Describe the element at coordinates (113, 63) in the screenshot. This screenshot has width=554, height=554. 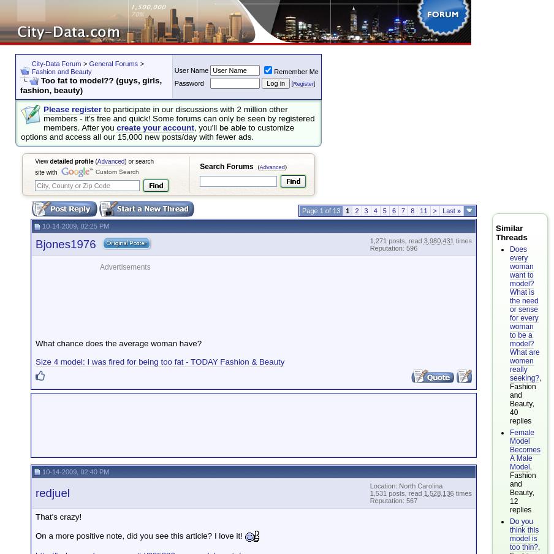
I see `'General Forums'` at that location.